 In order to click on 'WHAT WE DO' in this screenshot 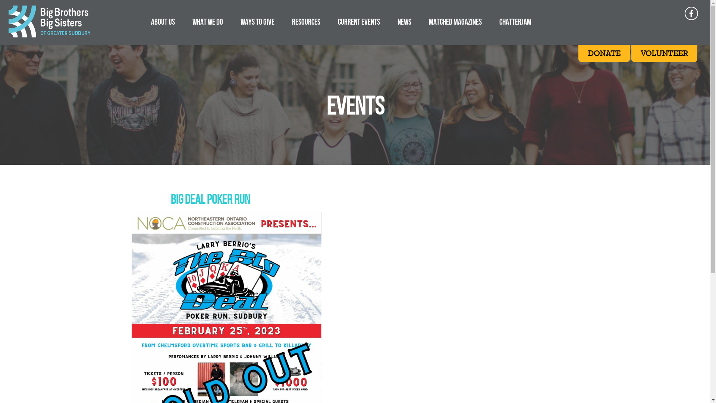, I will do `click(207, 21)`.